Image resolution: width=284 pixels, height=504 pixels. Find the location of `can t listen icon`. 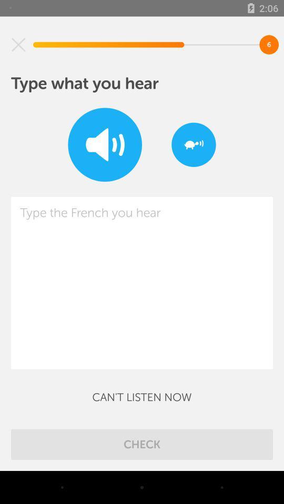

can t listen icon is located at coordinates (142, 396).